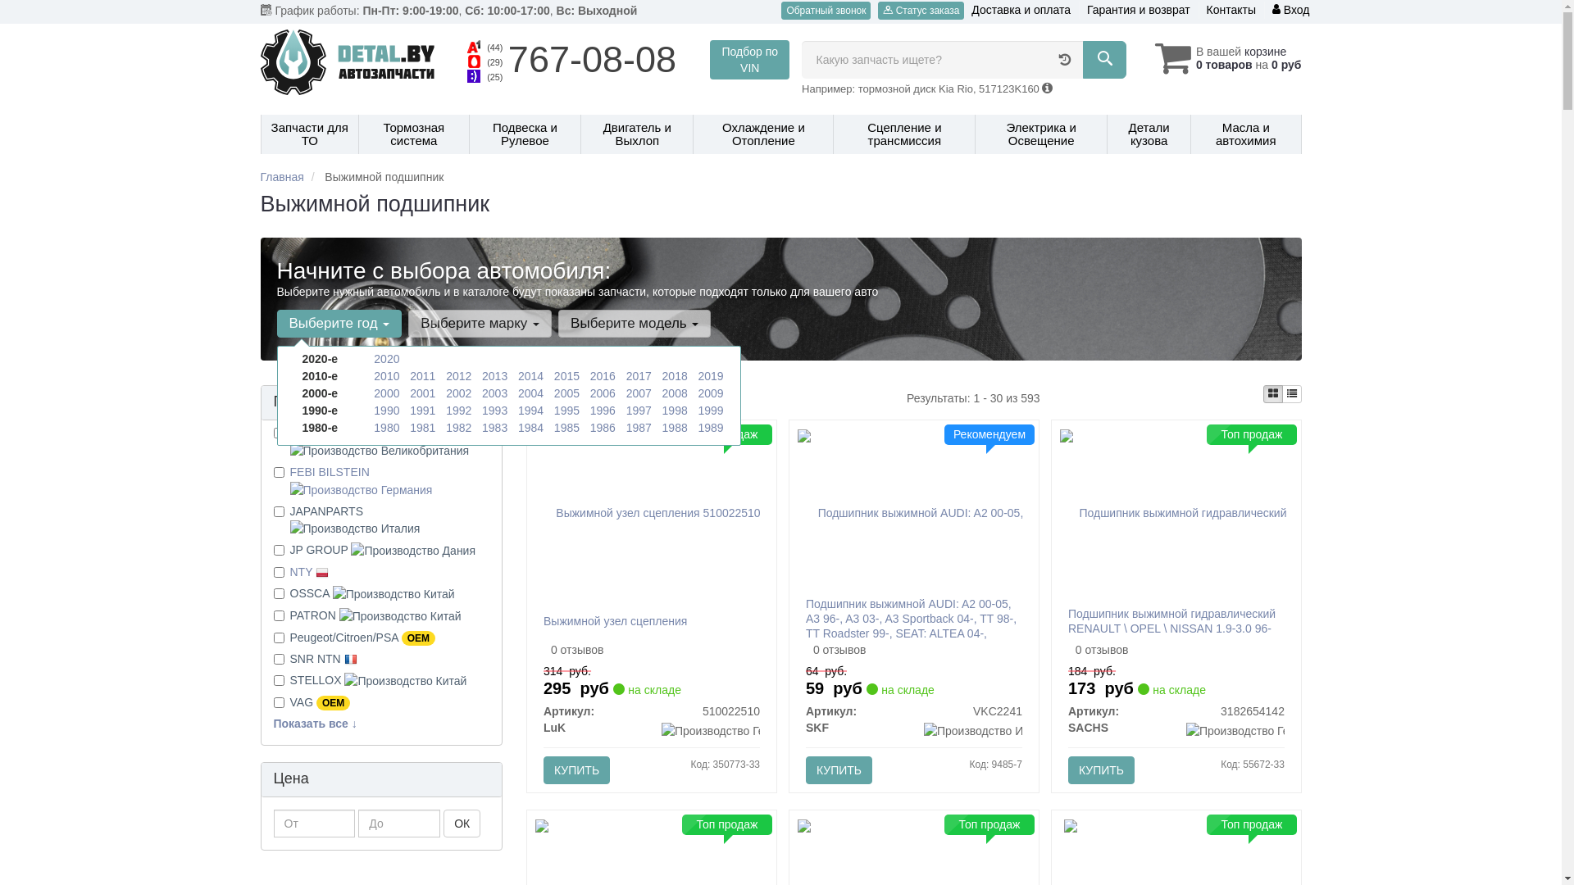  Describe the element at coordinates (517, 426) in the screenshot. I see `'1984'` at that location.